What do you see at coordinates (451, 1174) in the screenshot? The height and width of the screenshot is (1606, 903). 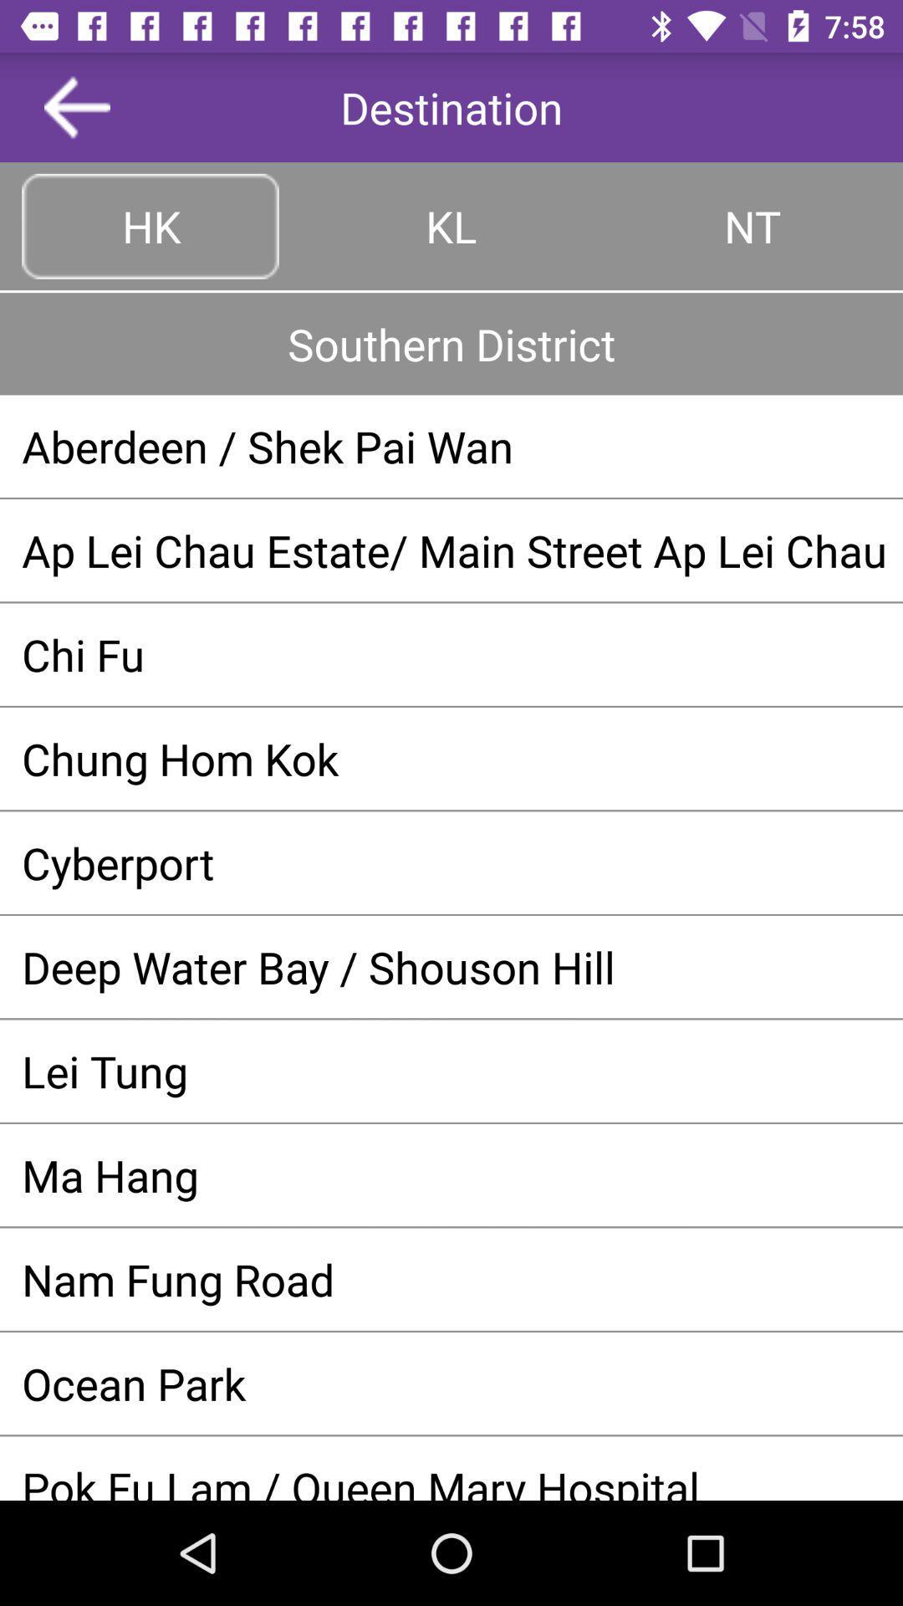 I see `ma hang app` at bounding box center [451, 1174].